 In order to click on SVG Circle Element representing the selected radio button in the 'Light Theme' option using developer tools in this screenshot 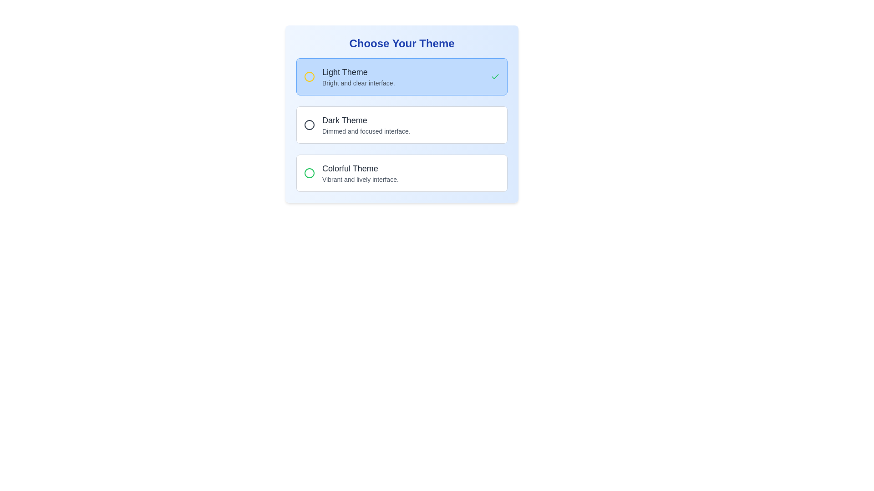, I will do `click(310, 76)`.